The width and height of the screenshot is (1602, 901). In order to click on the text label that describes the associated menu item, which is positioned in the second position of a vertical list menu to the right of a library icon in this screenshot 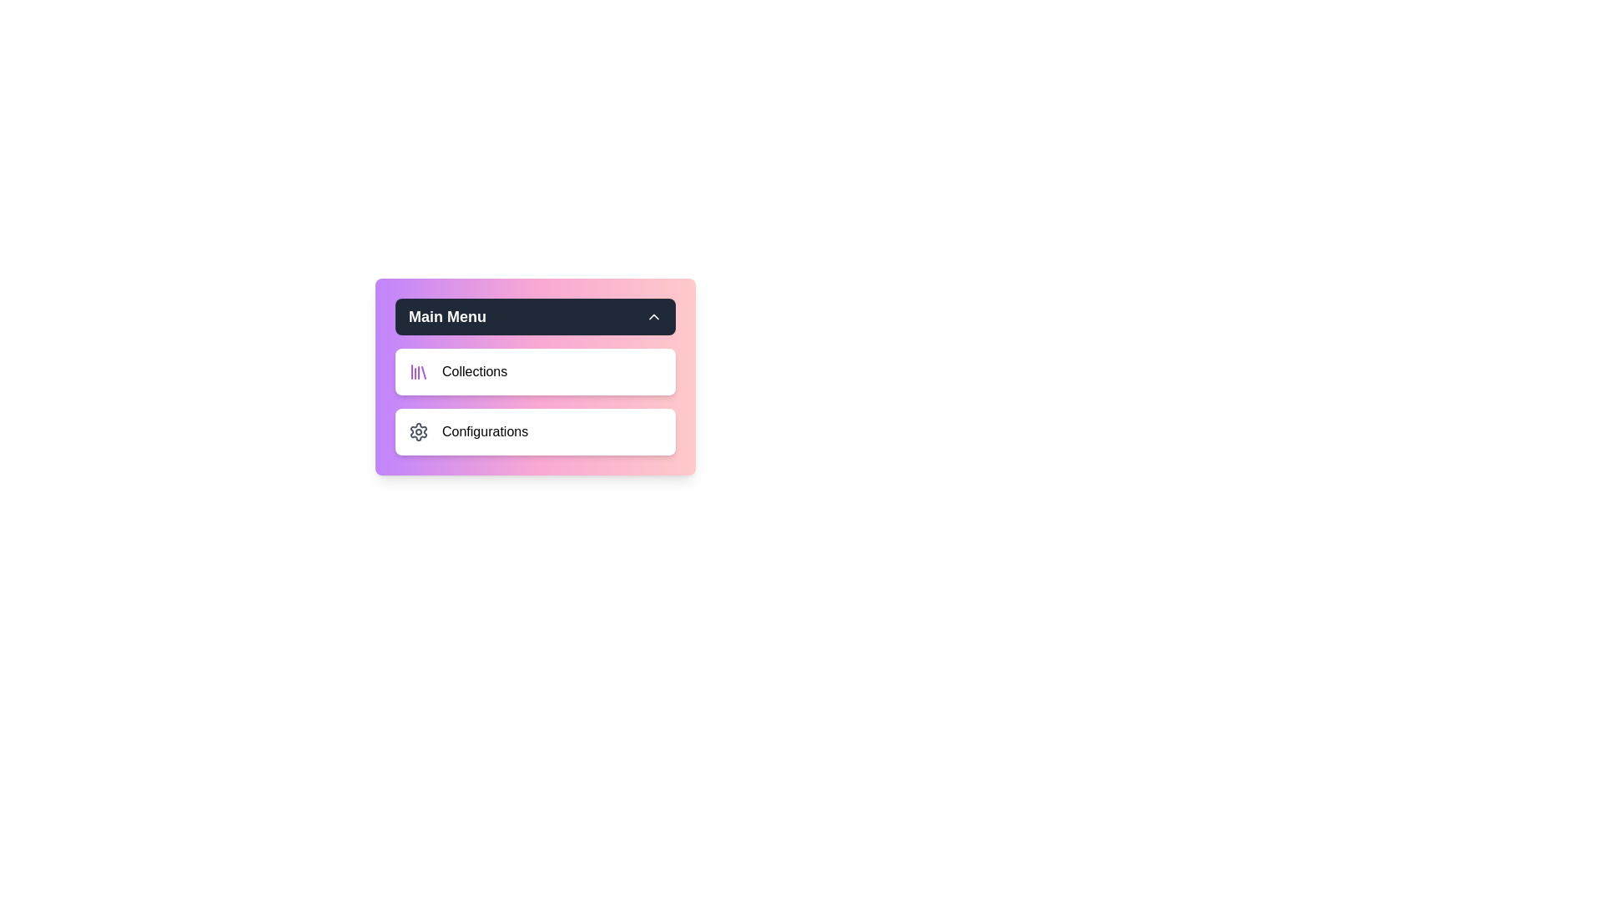, I will do `click(474, 371)`.